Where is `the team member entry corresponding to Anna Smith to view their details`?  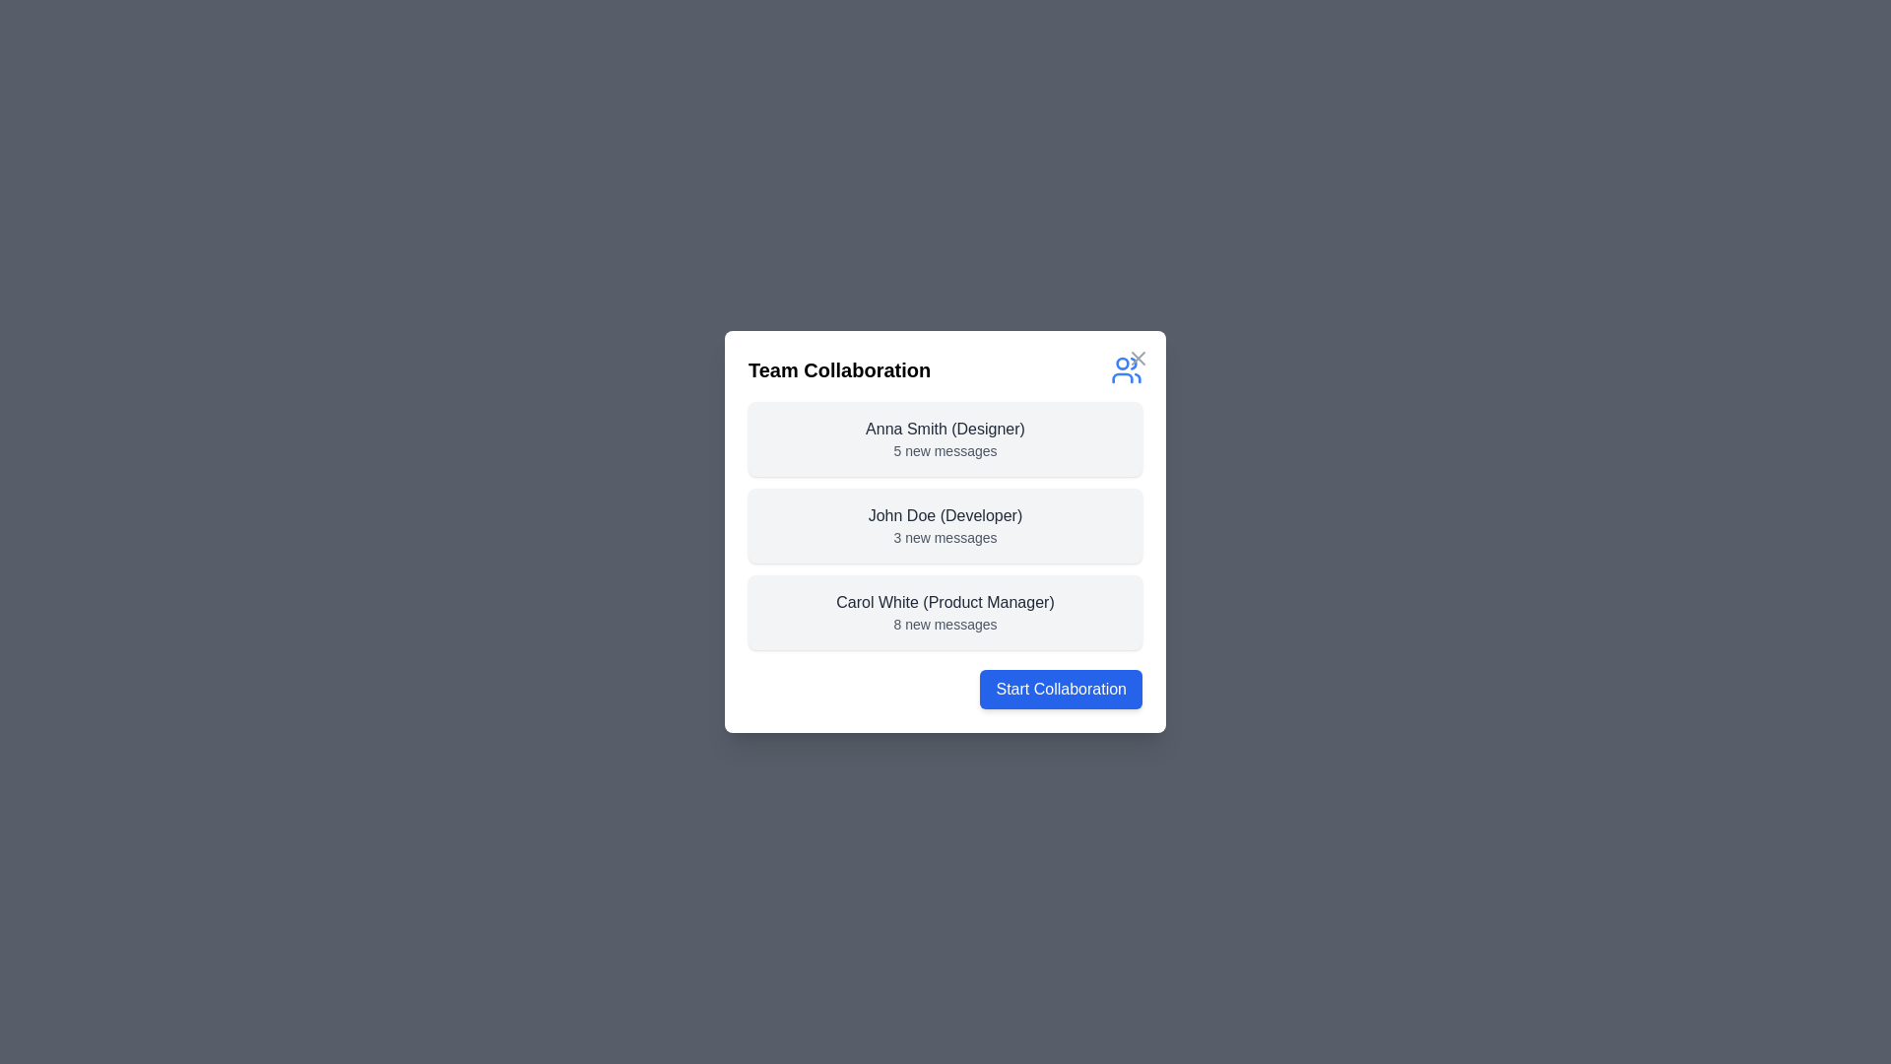 the team member entry corresponding to Anna Smith to view their details is located at coordinates (945, 438).